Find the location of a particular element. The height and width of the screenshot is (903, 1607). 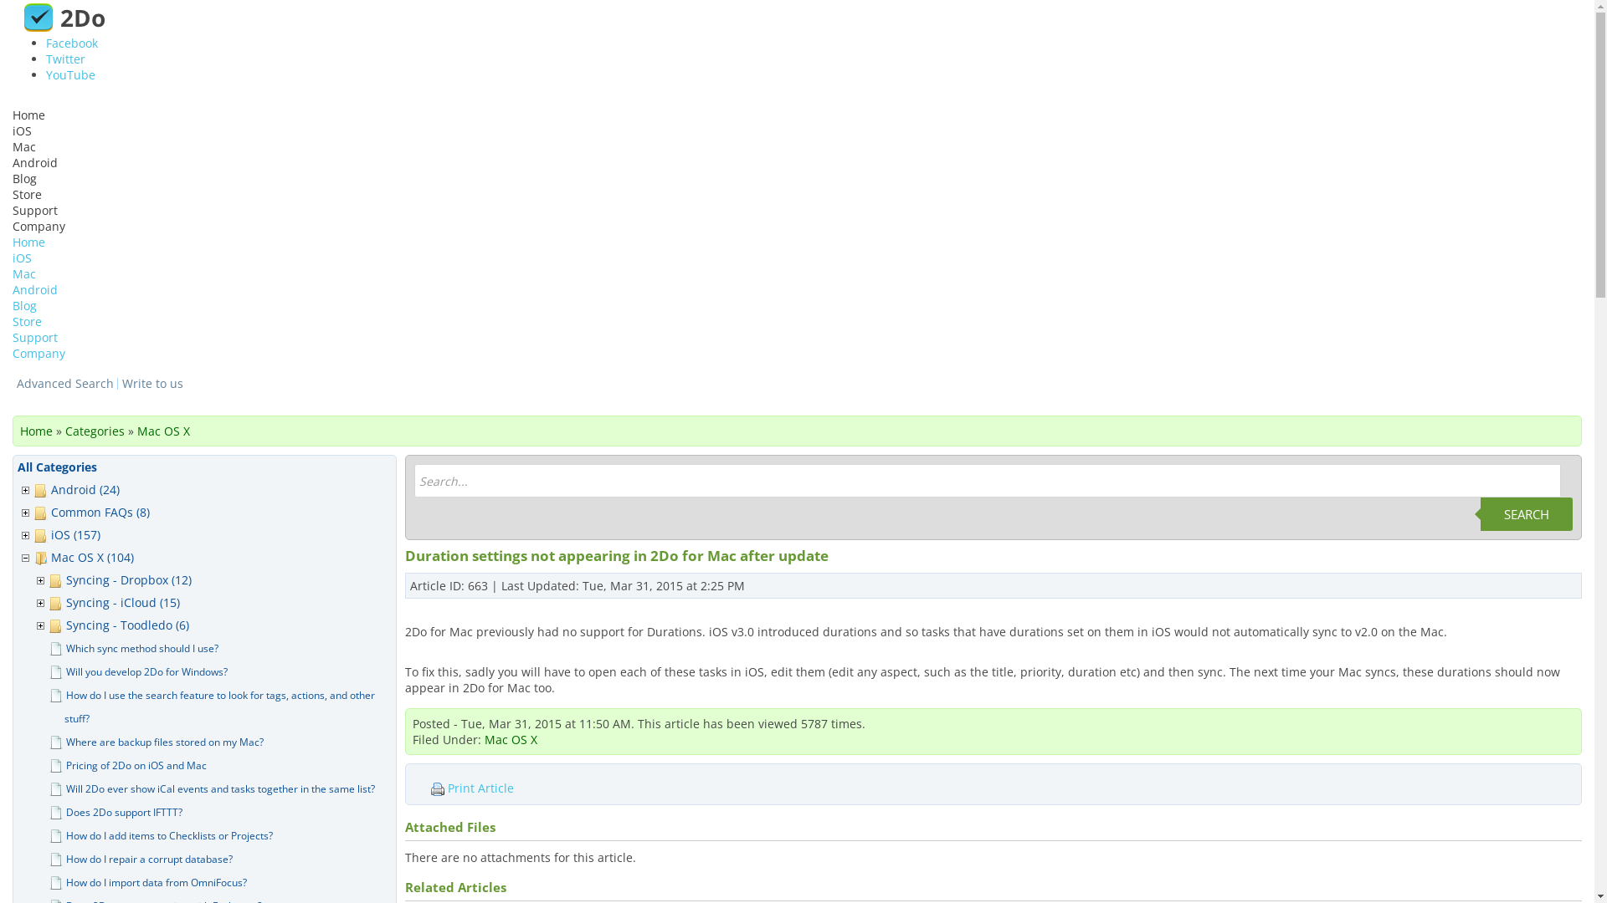

'Pricing of 2Do on iOS and Mac' is located at coordinates (140, 765).